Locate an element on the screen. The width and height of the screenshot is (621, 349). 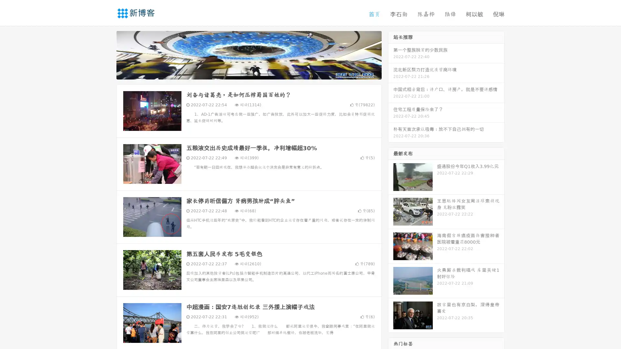
Go to slide 2 is located at coordinates (248, 73).